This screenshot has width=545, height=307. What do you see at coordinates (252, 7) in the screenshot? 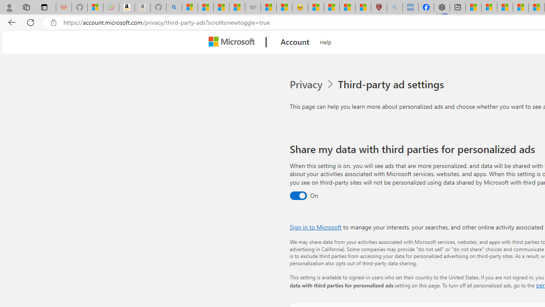
I see `'Combat Siege'` at bounding box center [252, 7].